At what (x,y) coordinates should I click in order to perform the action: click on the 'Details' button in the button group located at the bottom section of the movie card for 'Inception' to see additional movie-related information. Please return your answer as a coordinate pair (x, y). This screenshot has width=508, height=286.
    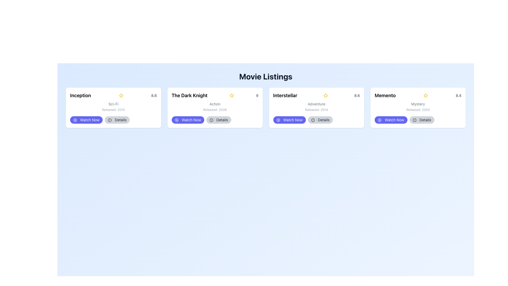
    Looking at the image, I should click on (113, 120).